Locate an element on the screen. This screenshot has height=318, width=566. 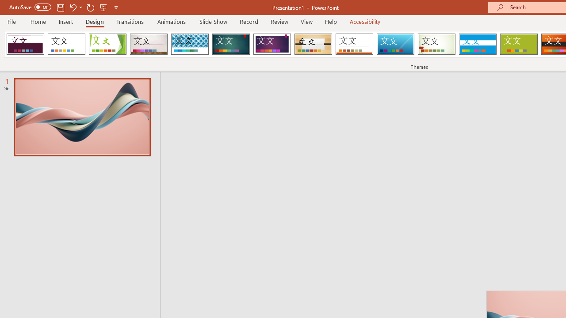
'Banded' is located at coordinates (477, 44).